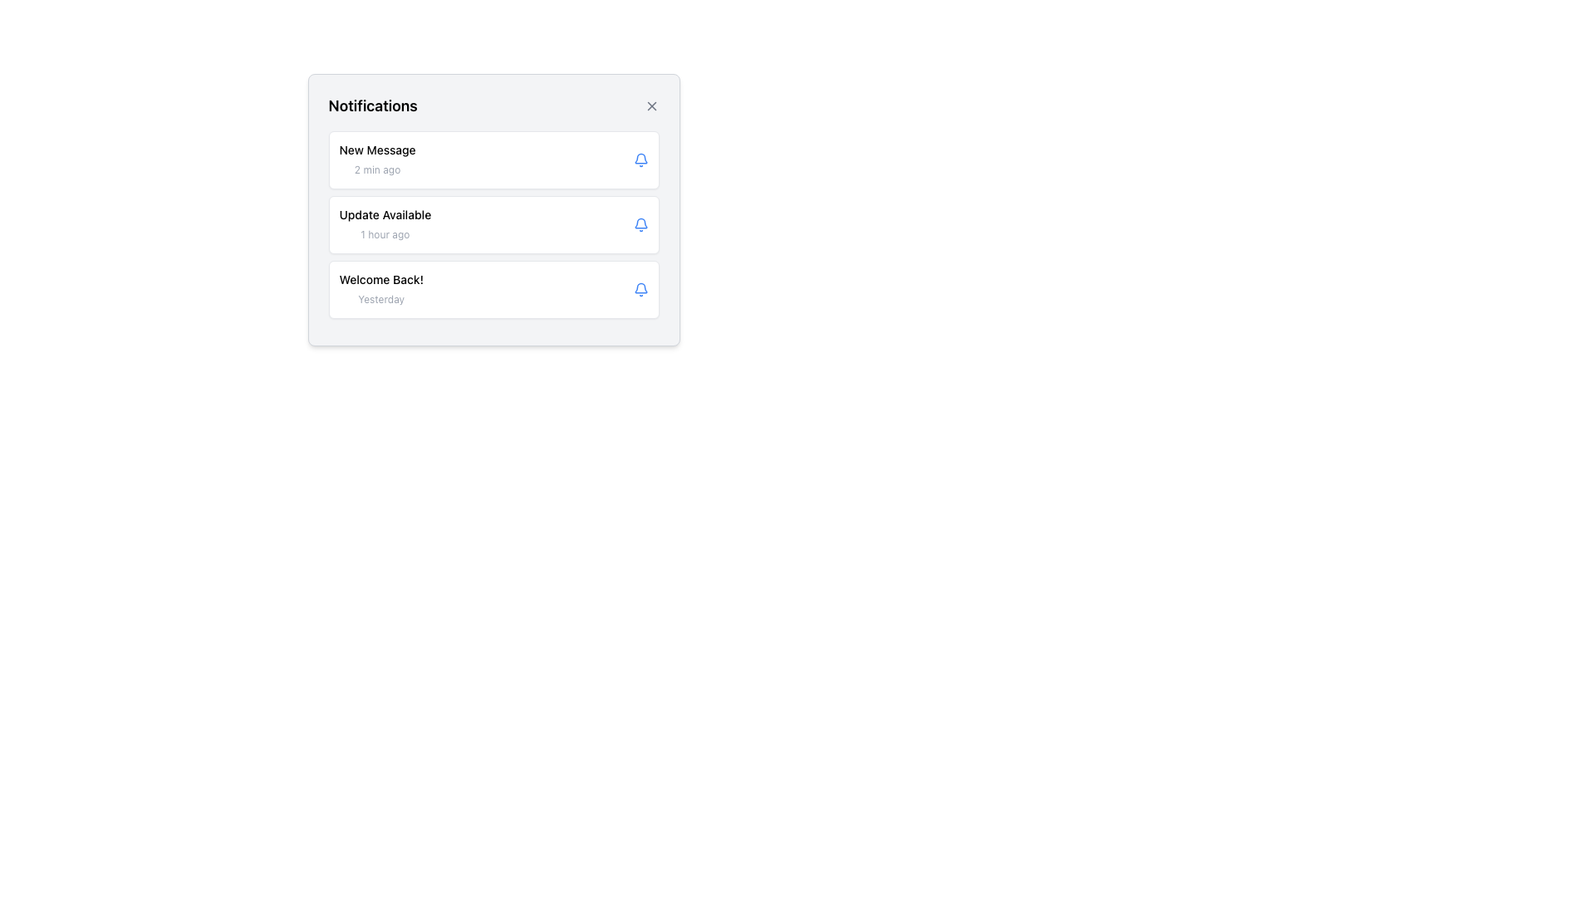 The image size is (1595, 897). I want to click on the timestamp text label associated with the 'Welcome Back!' notification, which is positioned directly below the title text, so click(380, 299).